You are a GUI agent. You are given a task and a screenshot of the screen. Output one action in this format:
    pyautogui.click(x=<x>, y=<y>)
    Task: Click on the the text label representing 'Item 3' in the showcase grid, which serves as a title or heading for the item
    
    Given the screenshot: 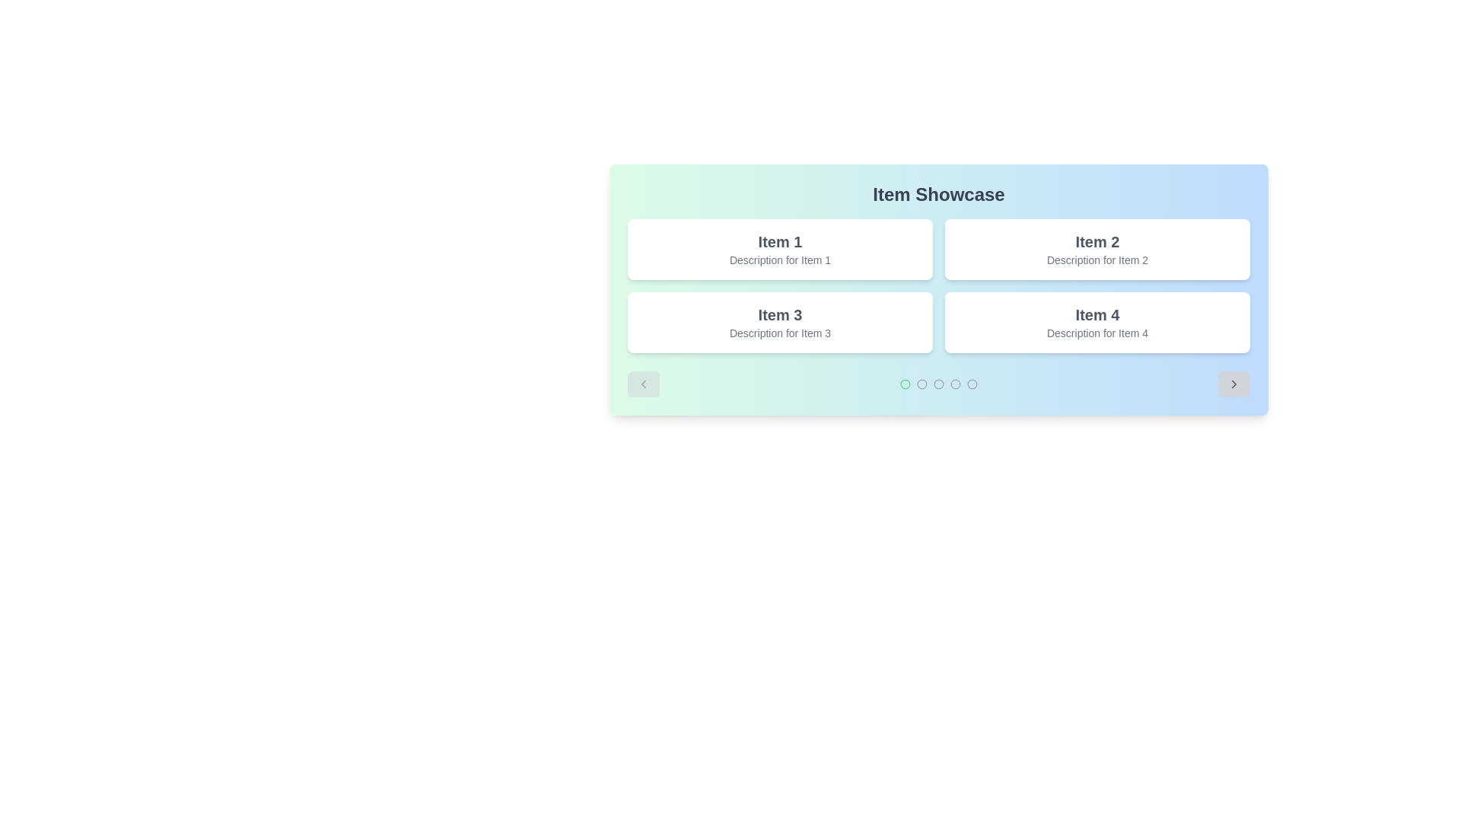 What is the action you would take?
    pyautogui.click(x=780, y=314)
    